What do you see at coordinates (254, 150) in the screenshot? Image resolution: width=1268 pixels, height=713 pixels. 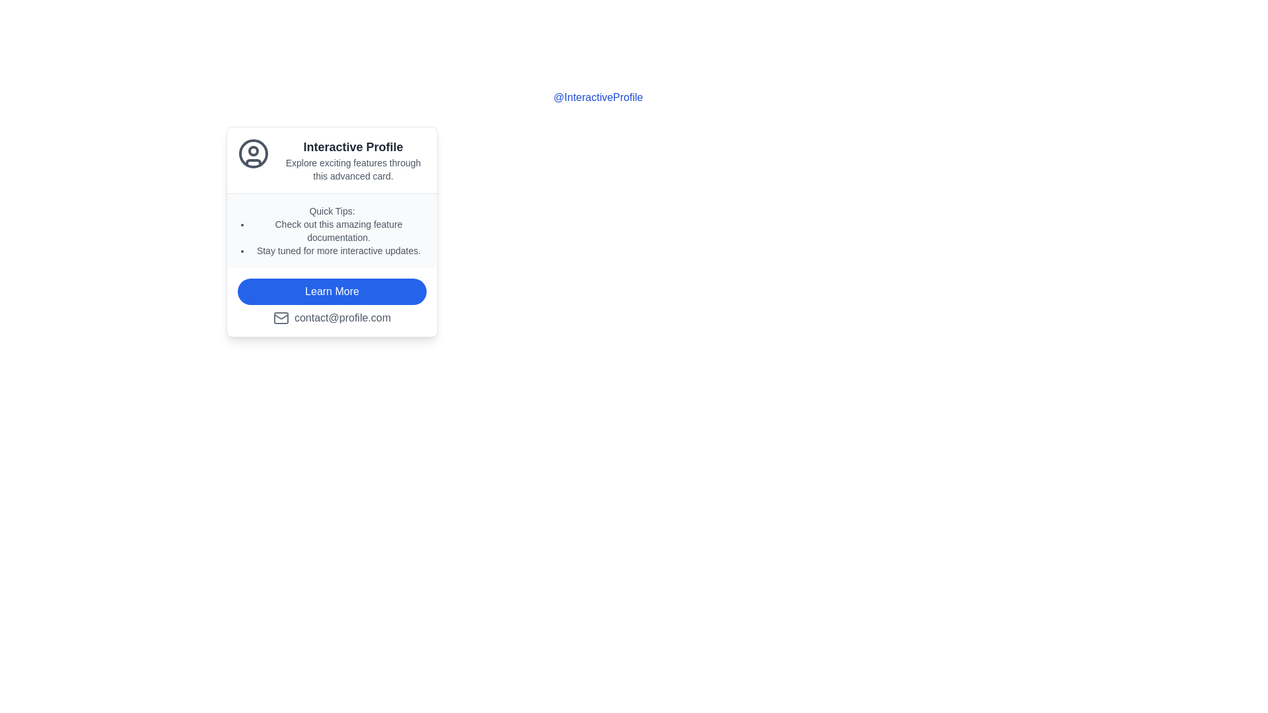 I see `the small circular component within the user profile icon located in the top-left corner of the card` at bounding box center [254, 150].